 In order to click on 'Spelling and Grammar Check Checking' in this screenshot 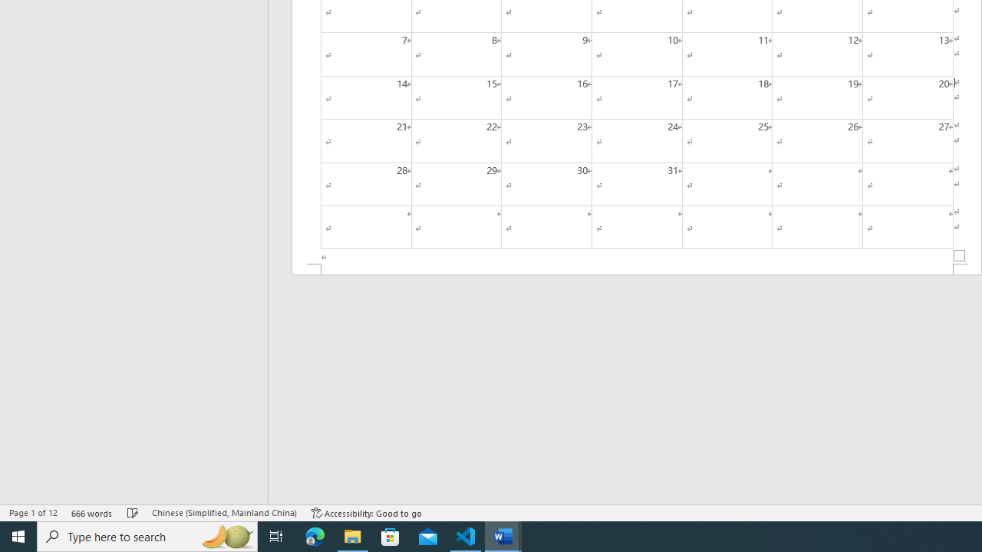, I will do `click(133, 513)`.